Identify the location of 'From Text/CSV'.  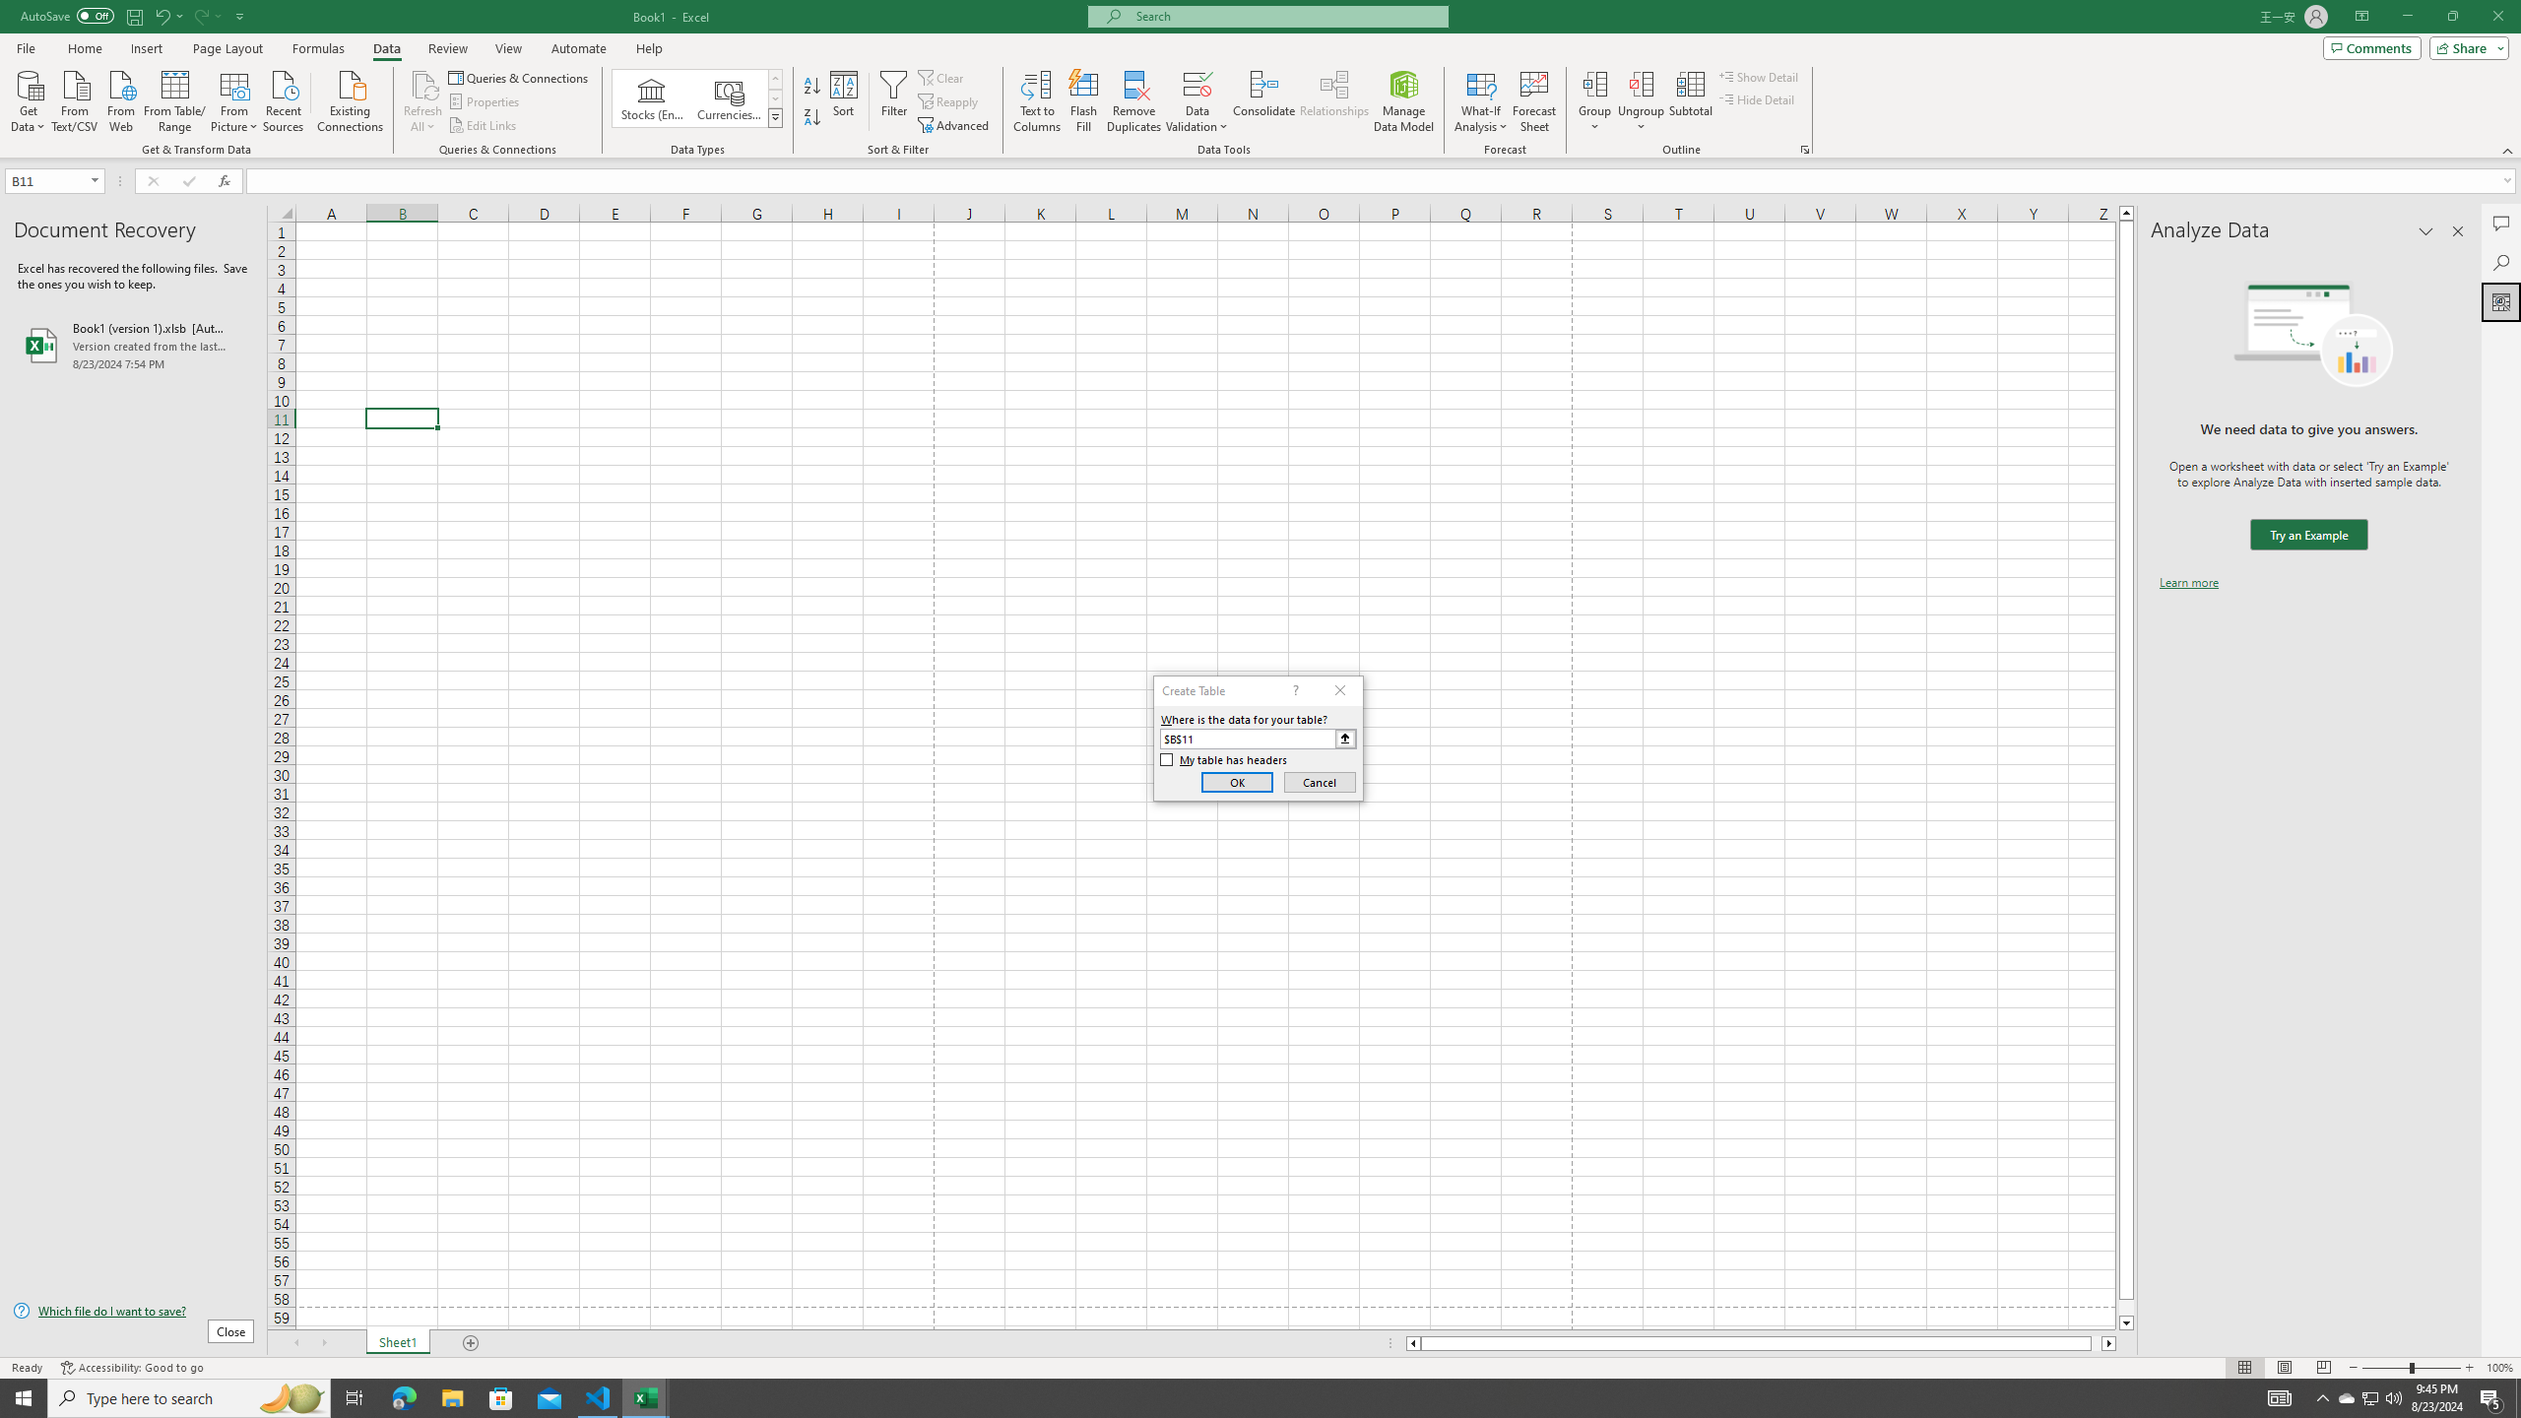
(75, 98).